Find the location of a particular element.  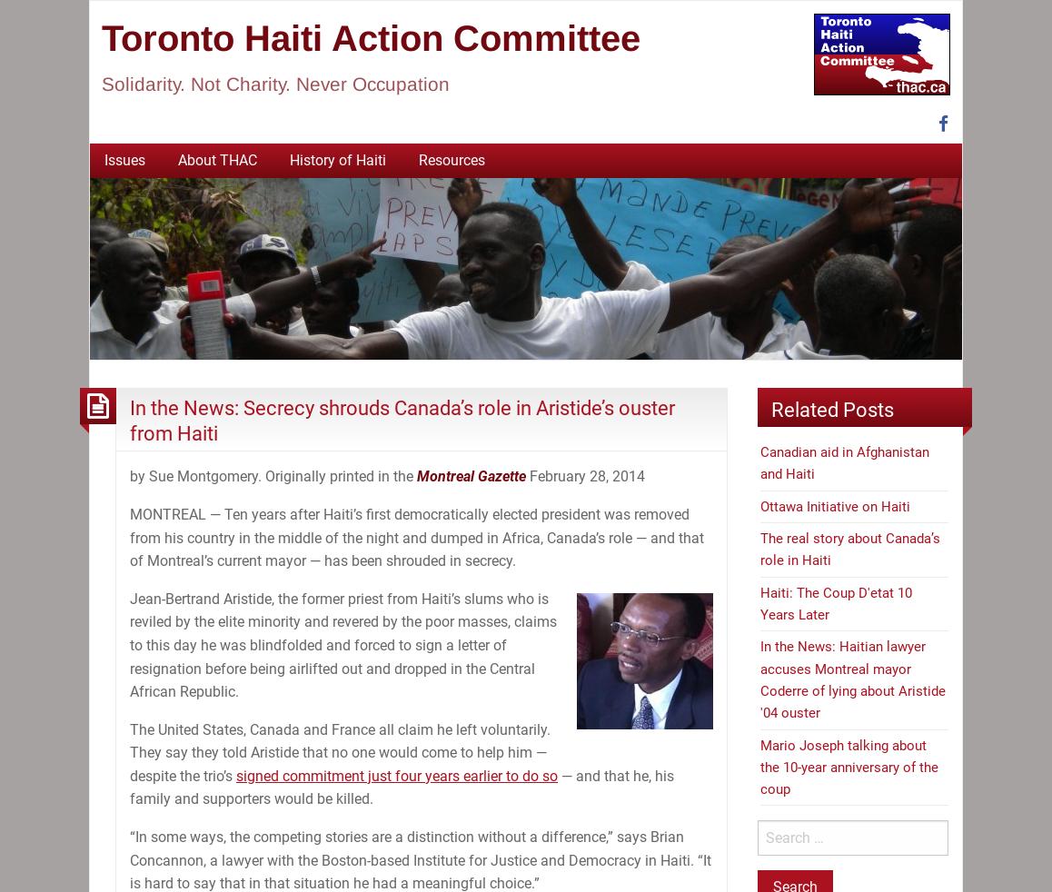

'Issues' is located at coordinates (124, 159).